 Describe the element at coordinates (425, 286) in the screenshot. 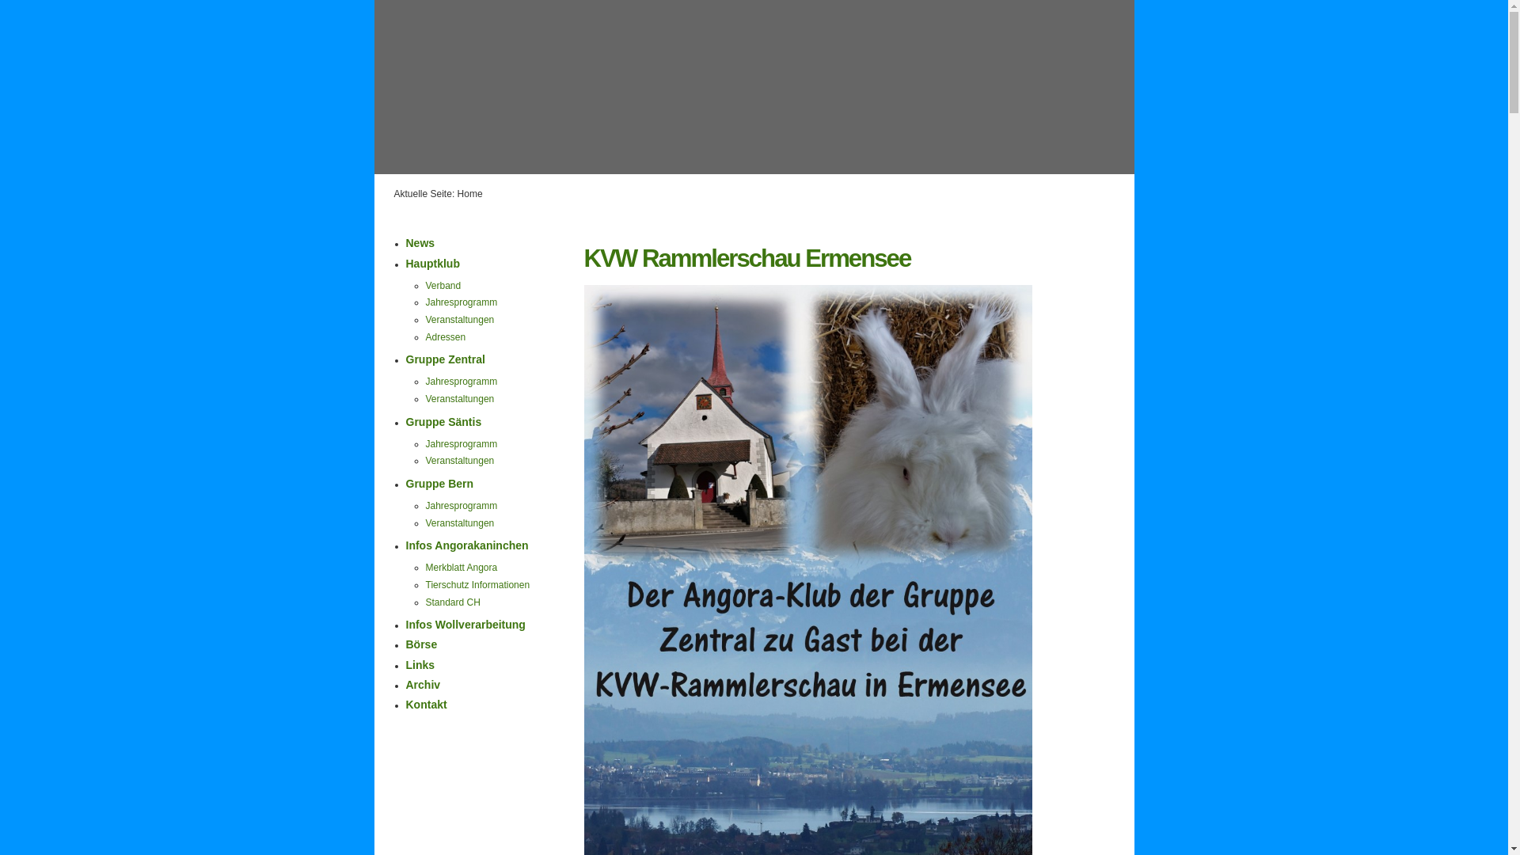

I see `'Verband'` at that location.